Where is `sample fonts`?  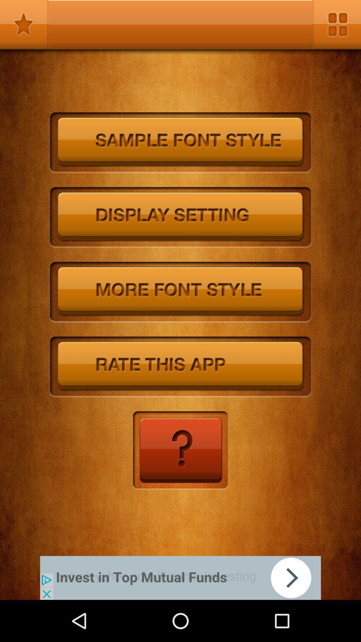 sample fonts is located at coordinates (180, 142).